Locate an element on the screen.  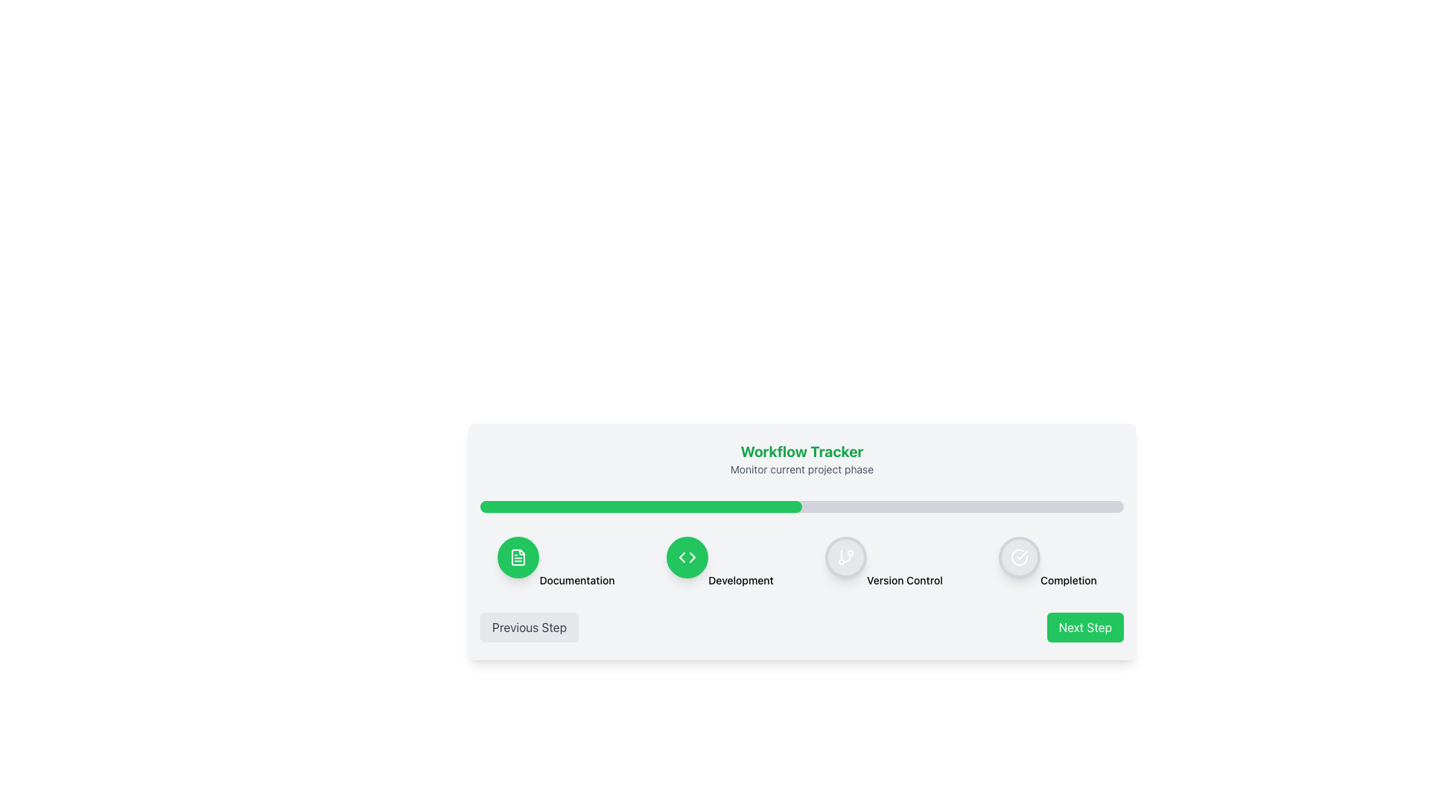
the progress bar that visually indicates half completion, located centrally below the 'Workflow Tracker' title and above the grid of circular icons is located at coordinates (801, 506).